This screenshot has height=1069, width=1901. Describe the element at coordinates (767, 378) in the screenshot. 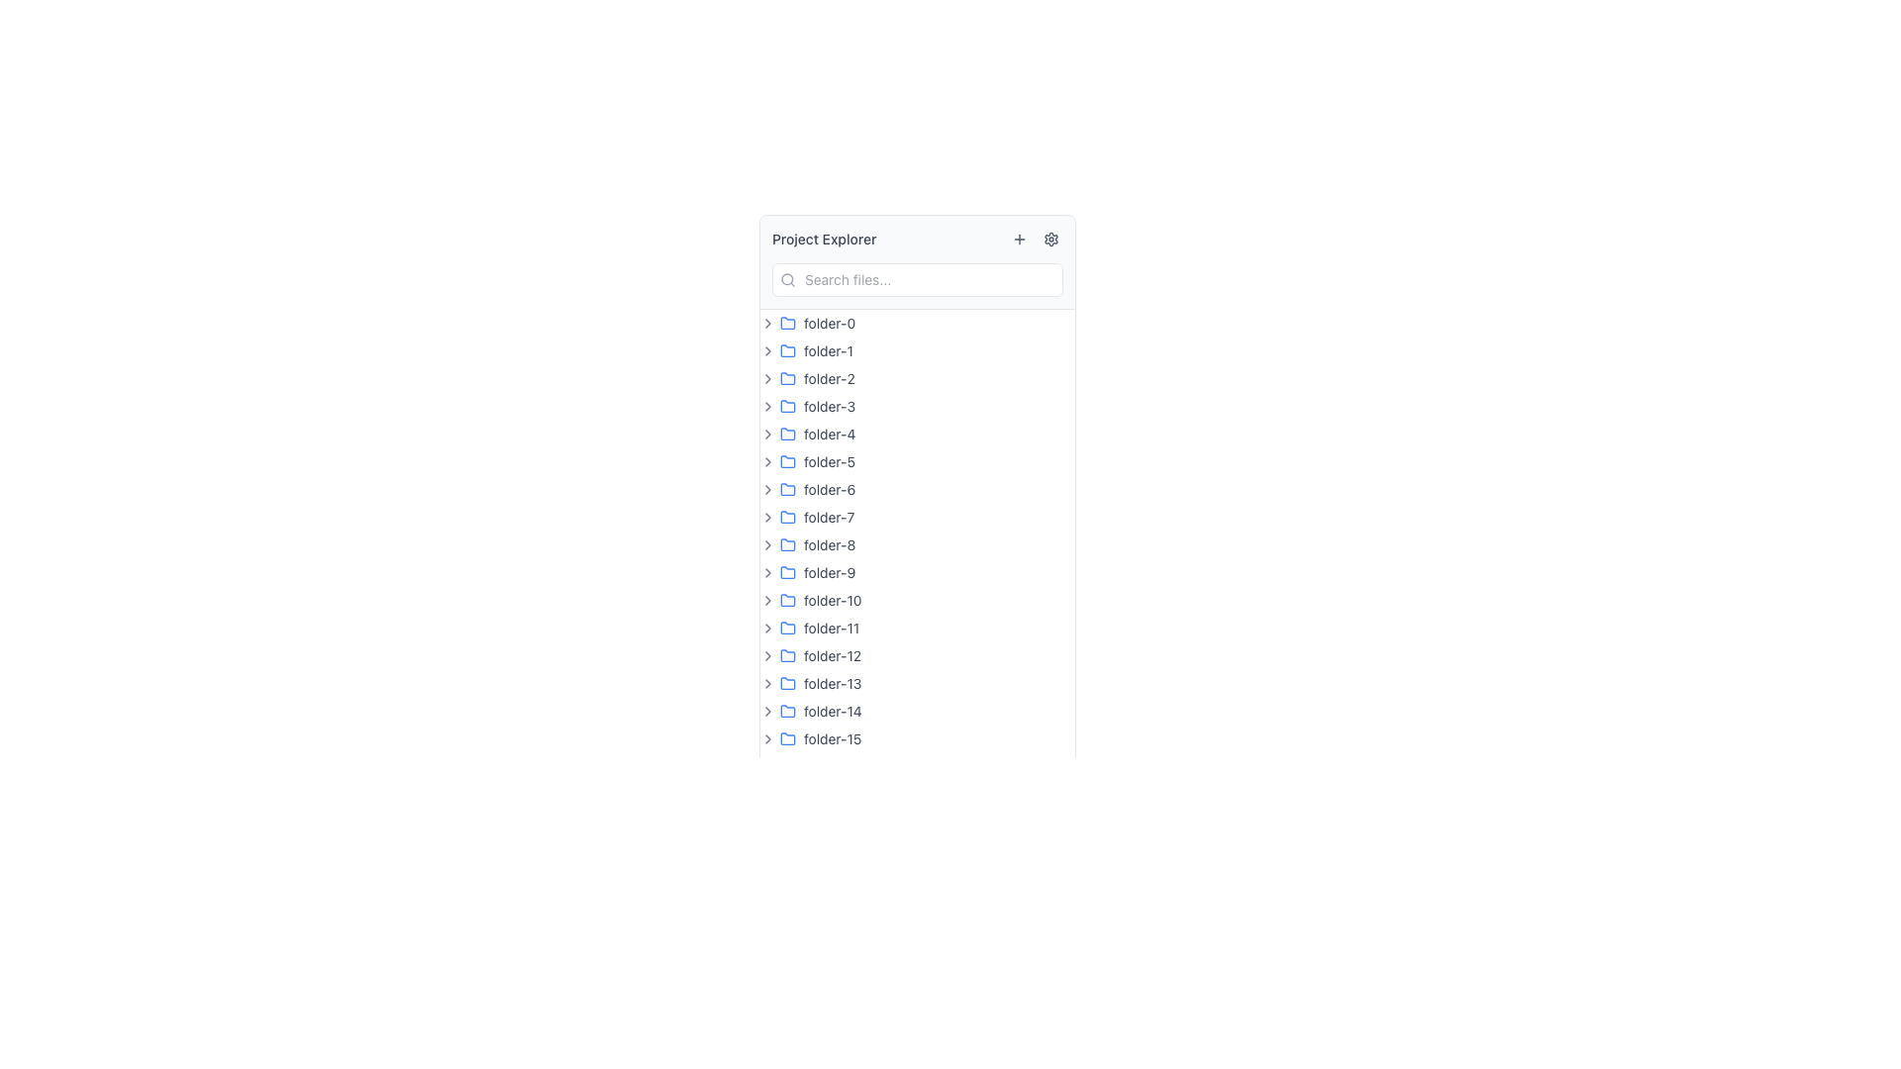

I see `the Chevron icon that toggles the contents of the 'folder-2' folder` at that location.